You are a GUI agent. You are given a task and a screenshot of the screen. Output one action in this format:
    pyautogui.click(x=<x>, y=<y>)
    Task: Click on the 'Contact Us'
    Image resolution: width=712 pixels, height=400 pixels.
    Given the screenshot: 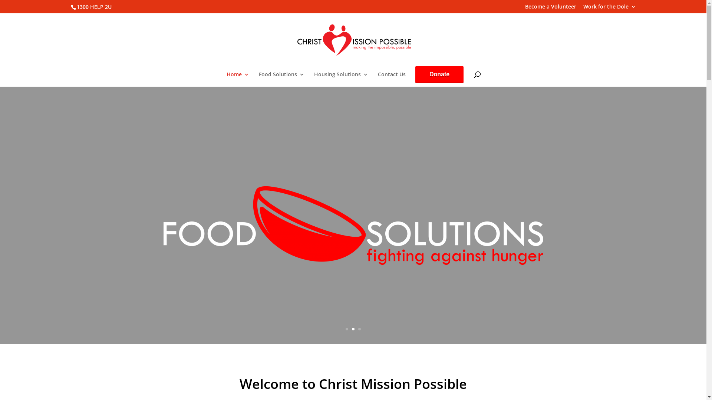 What is the action you would take?
    pyautogui.click(x=391, y=79)
    